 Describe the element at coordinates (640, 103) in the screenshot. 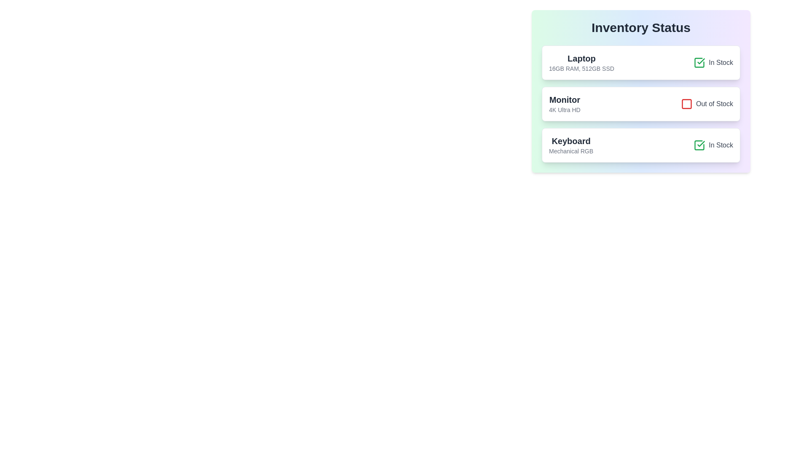

I see `the Information card that indicates the monitor is out of stock, which is the second item in a vertical list of three cards` at that location.